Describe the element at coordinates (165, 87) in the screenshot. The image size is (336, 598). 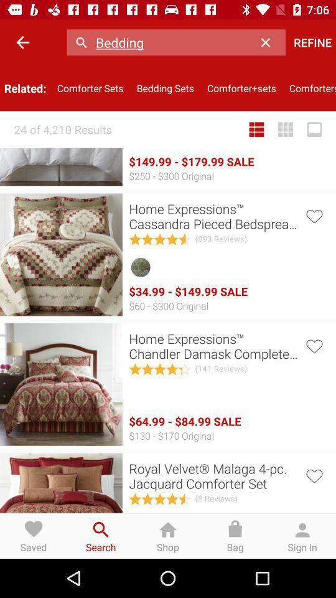
I see `icon above 149 99 179 icon` at that location.